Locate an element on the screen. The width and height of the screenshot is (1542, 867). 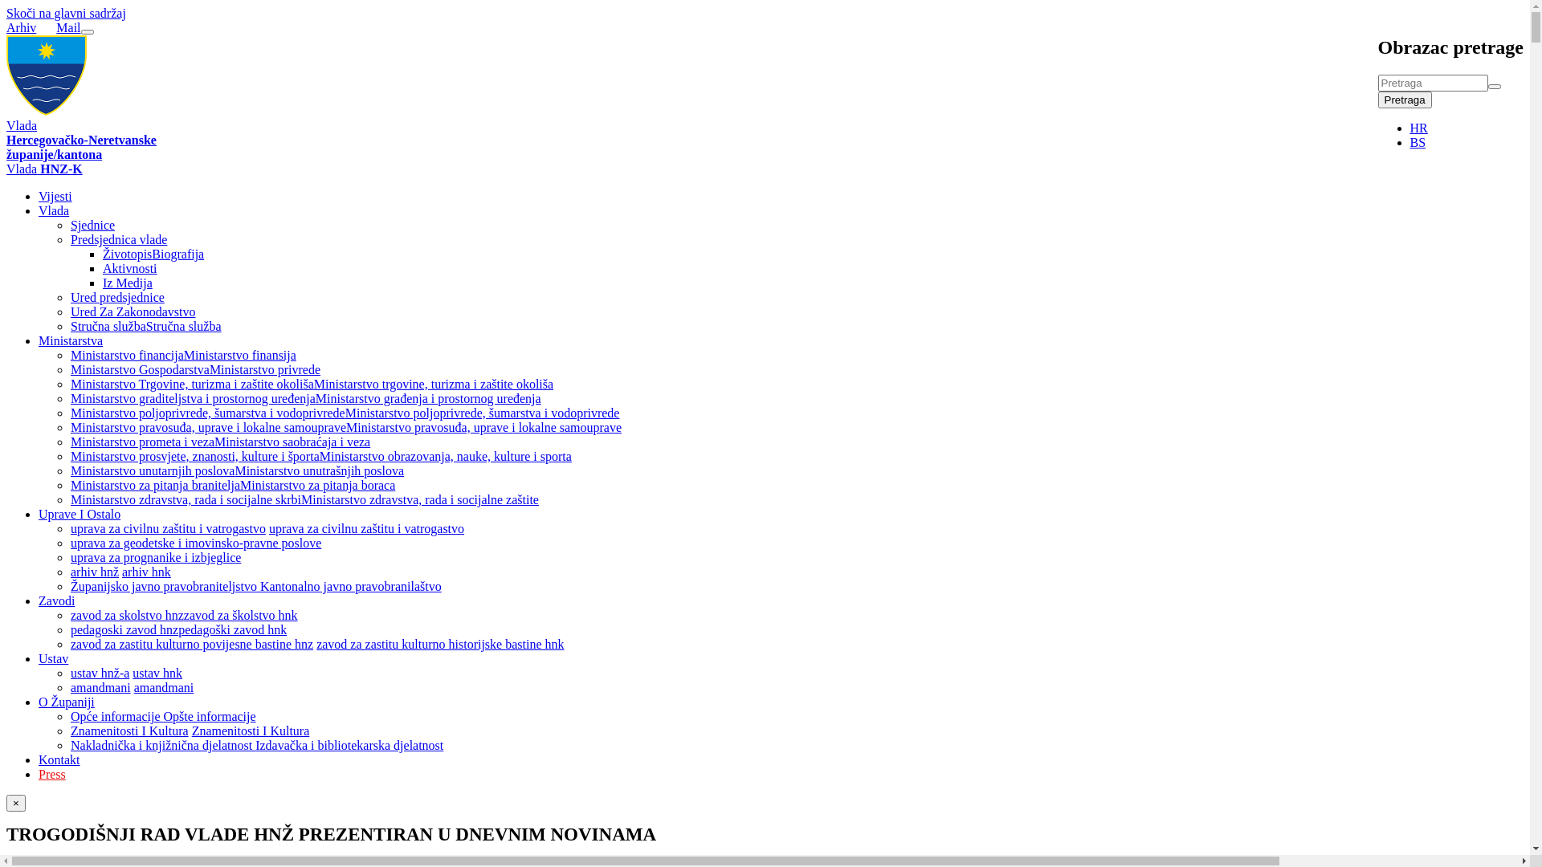
'Ministarstvo Gospodarstva' is located at coordinates (140, 369).